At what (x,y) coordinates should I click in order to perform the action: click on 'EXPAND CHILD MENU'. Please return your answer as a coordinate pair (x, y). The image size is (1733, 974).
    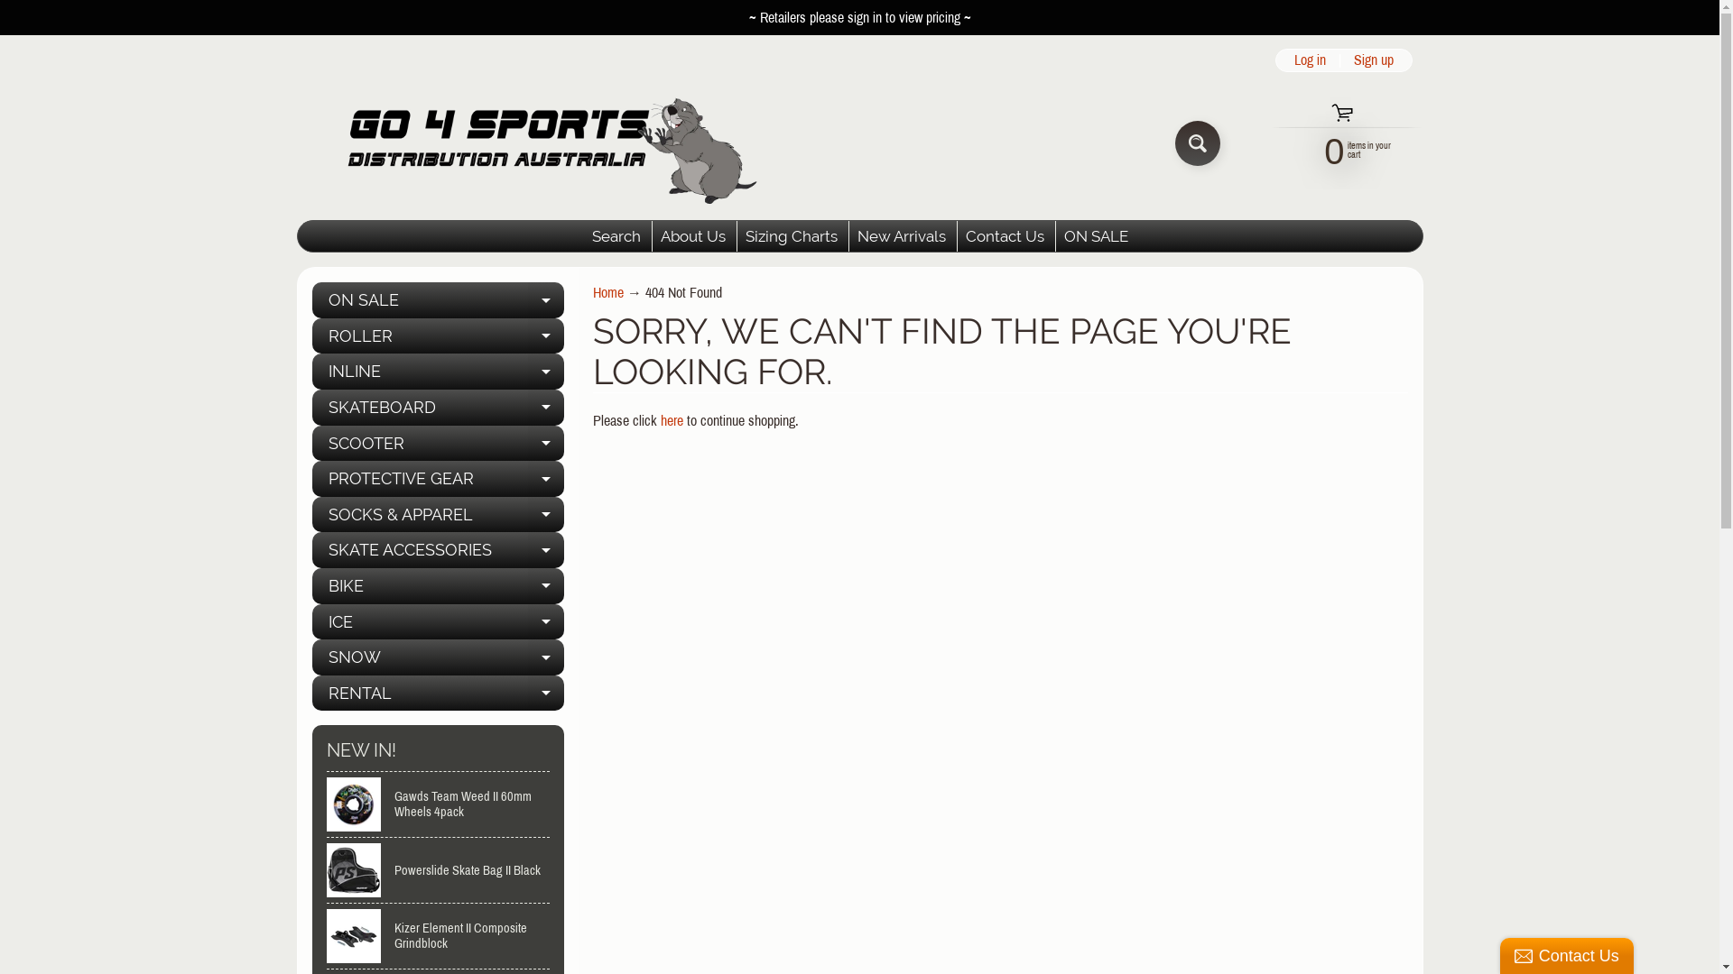
    Looking at the image, I should click on (544, 444).